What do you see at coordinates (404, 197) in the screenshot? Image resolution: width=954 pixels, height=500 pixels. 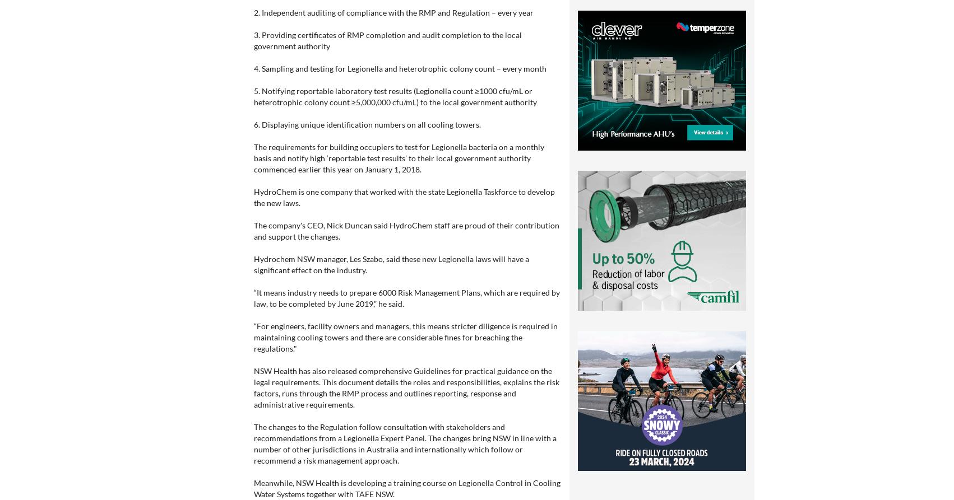 I see `'HydroChem is one company that worked with the state Legionella Taskforce to develop the new laws.'` at bounding box center [404, 197].